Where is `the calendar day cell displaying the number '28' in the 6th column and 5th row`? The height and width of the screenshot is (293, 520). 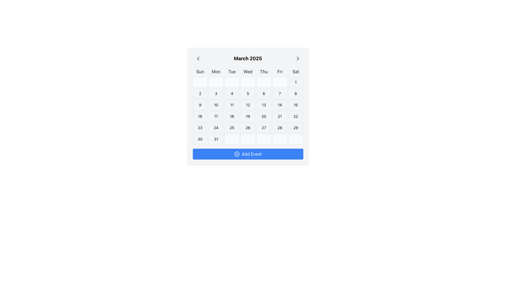 the calendar day cell displaying the number '28' in the 6th column and 5th row is located at coordinates (279, 128).